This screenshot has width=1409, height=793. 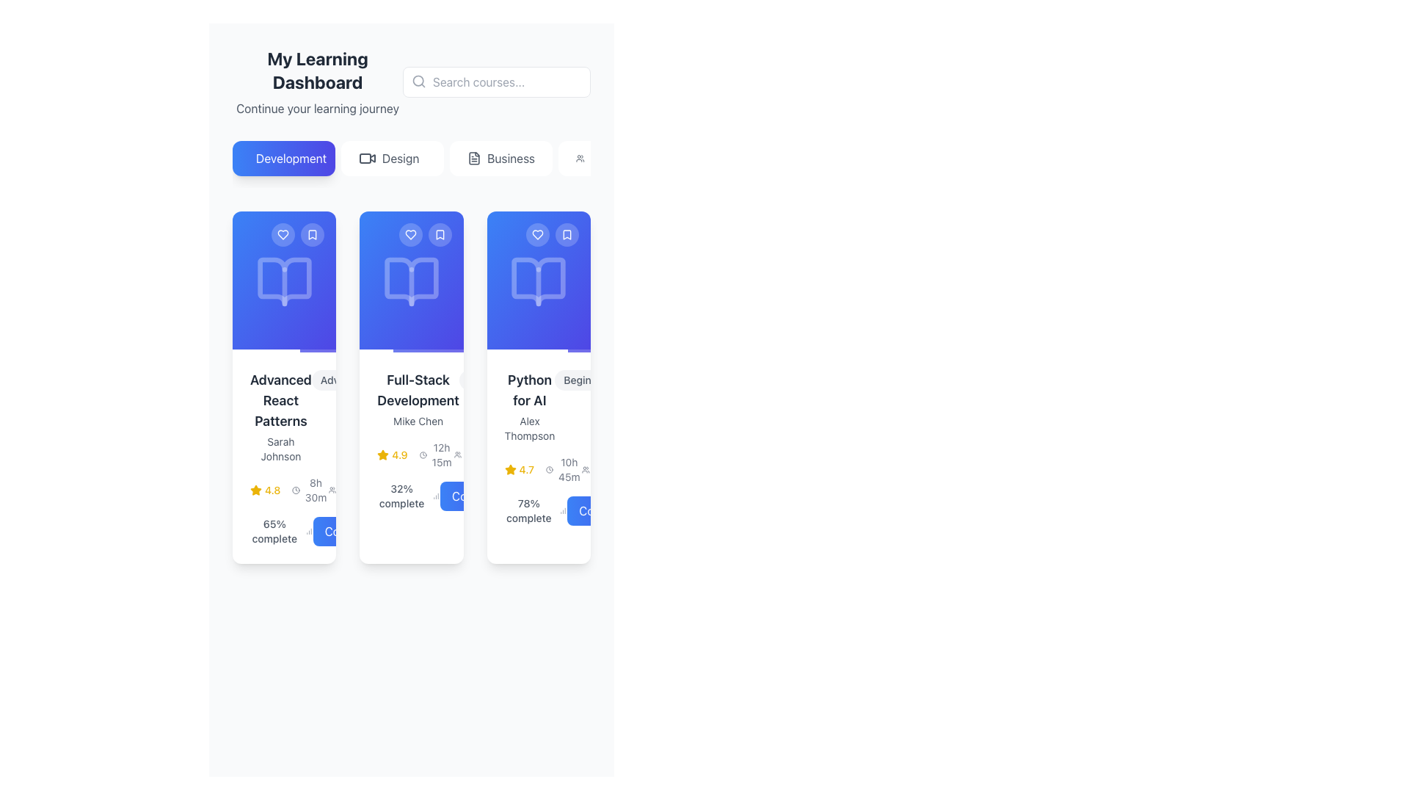 I want to click on the bookmark icon button located in the top-right corner of the second card, so click(x=439, y=234).